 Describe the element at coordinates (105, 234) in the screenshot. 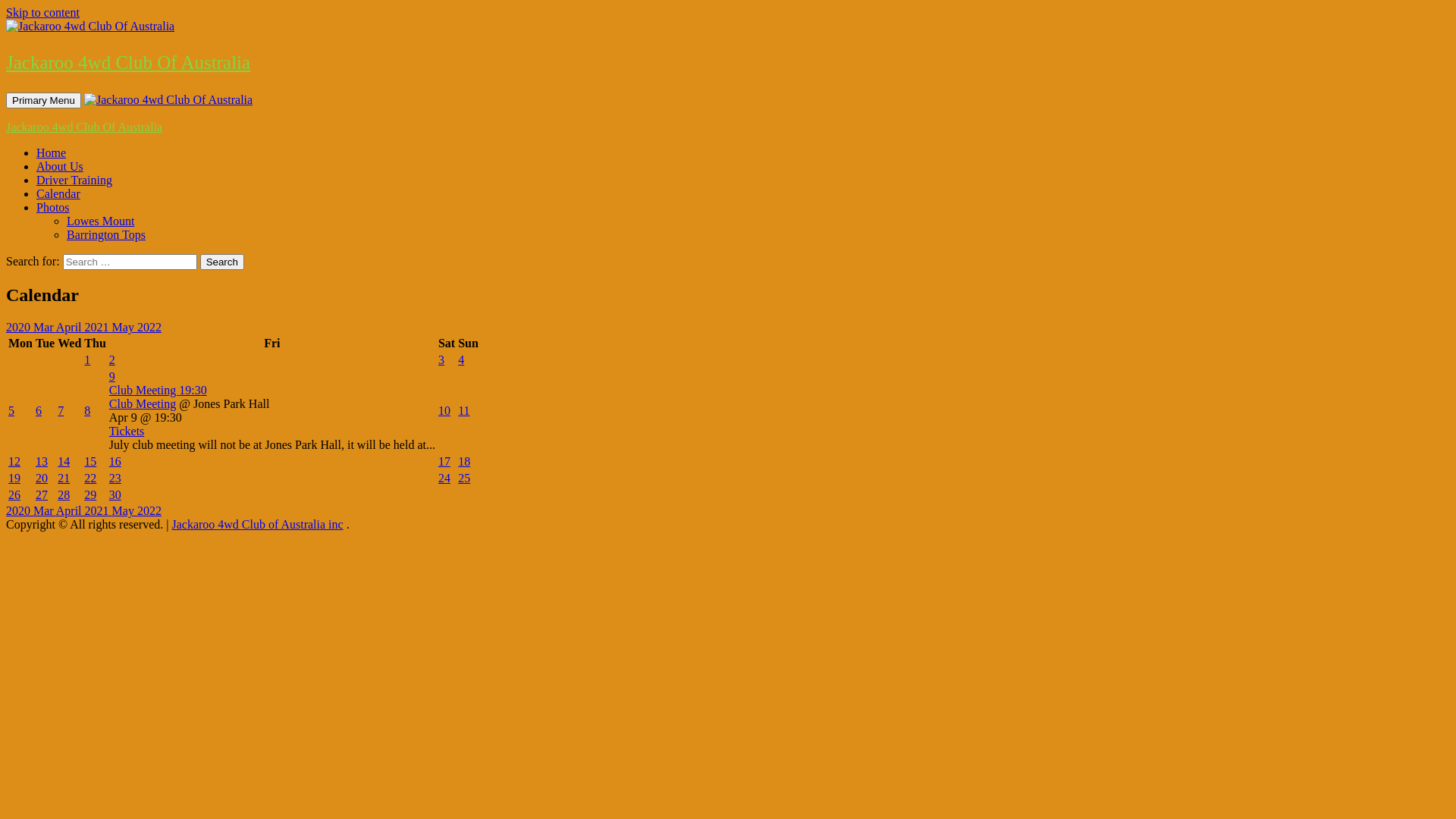

I see `'Barrington Tops'` at that location.